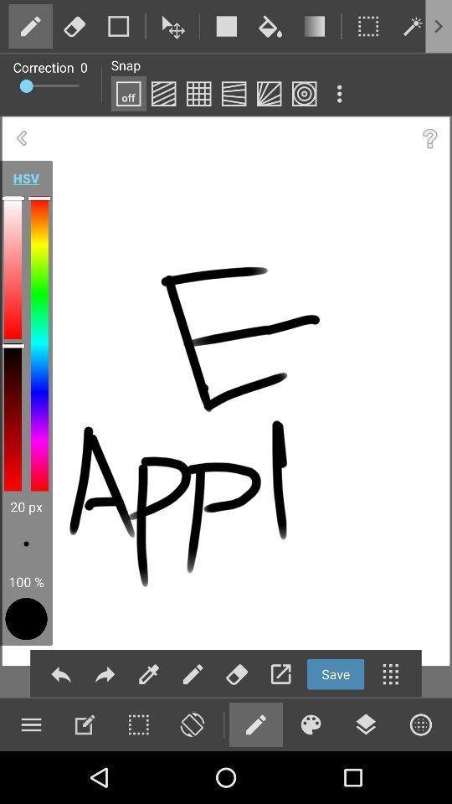 The height and width of the screenshot is (804, 452). Describe the element at coordinates (236, 674) in the screenshot. I see `erase the letter` at that location.